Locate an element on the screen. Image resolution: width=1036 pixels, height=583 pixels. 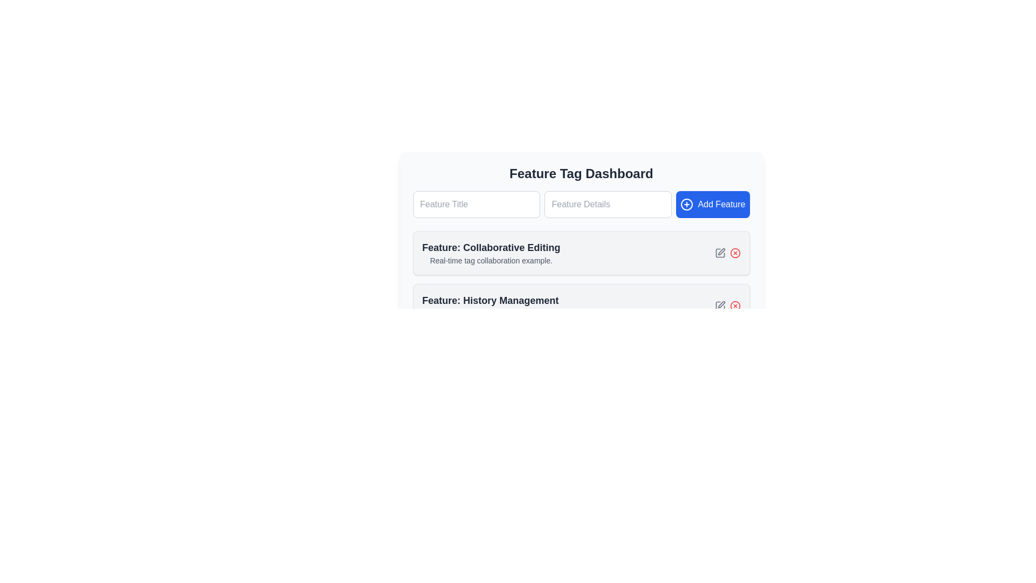
the circular close button with a red border and 'X' inside, located in the bottom-right corner of the second row is located at coordinates (734, 306).